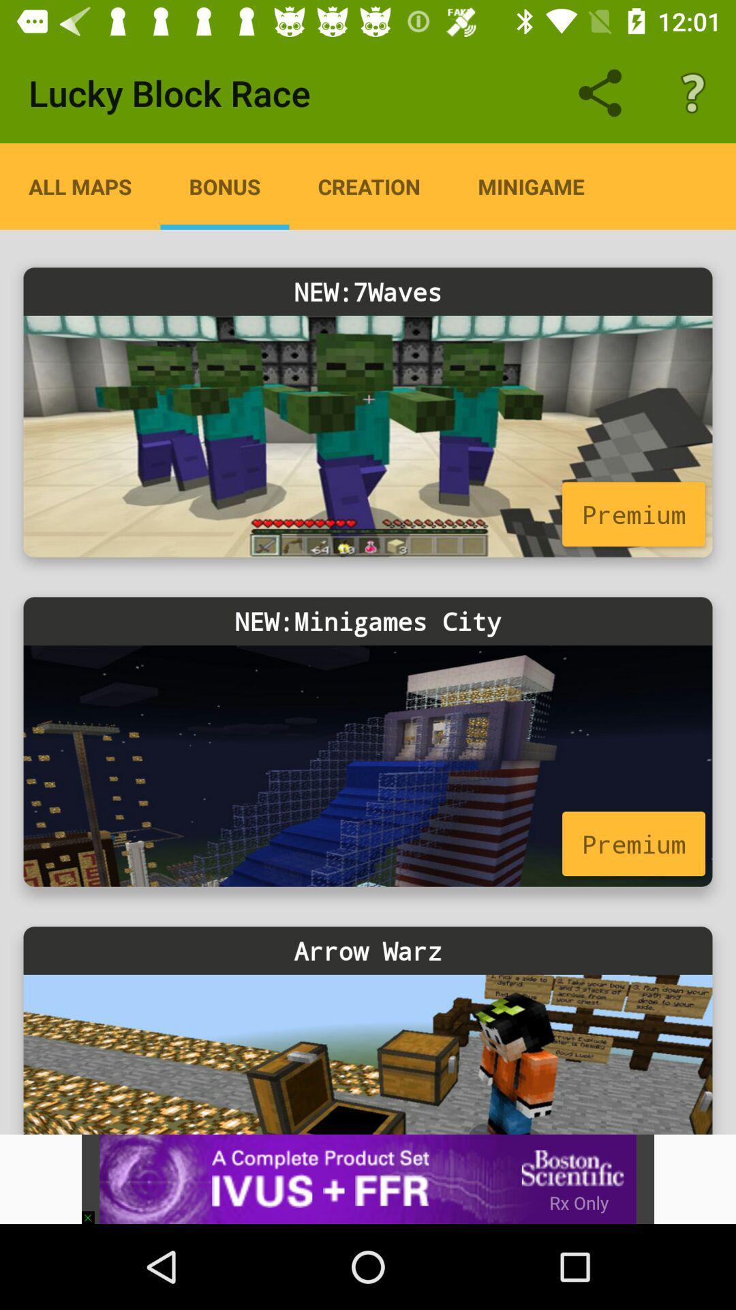 The image size is (736, 1310). I want to click on enlarge advertisement, so click(368, 1178).